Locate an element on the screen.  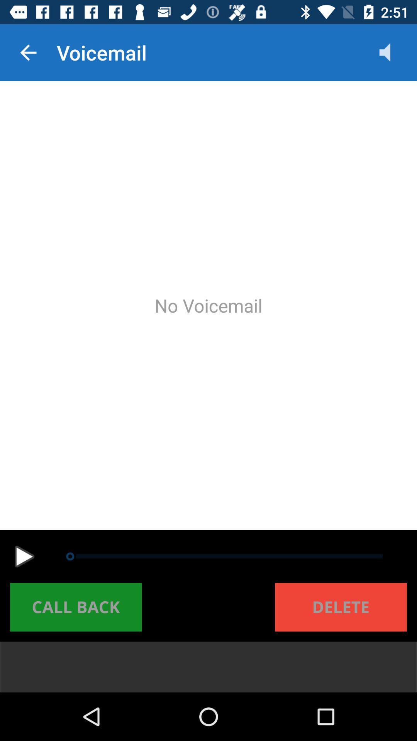
the icon next to the voicemail is located at coordinates (393, 52).